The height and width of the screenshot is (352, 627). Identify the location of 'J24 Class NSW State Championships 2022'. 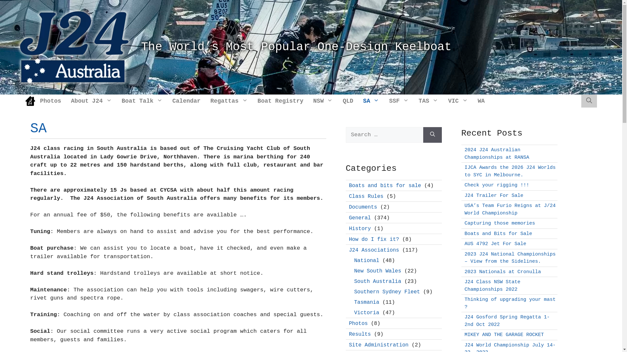
(492, 285).